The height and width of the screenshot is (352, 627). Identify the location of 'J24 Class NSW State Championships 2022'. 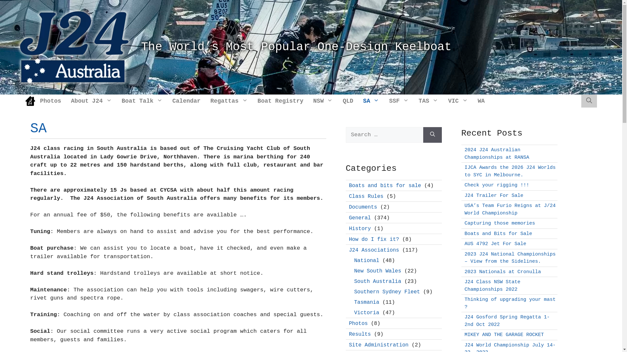
(492, 285).